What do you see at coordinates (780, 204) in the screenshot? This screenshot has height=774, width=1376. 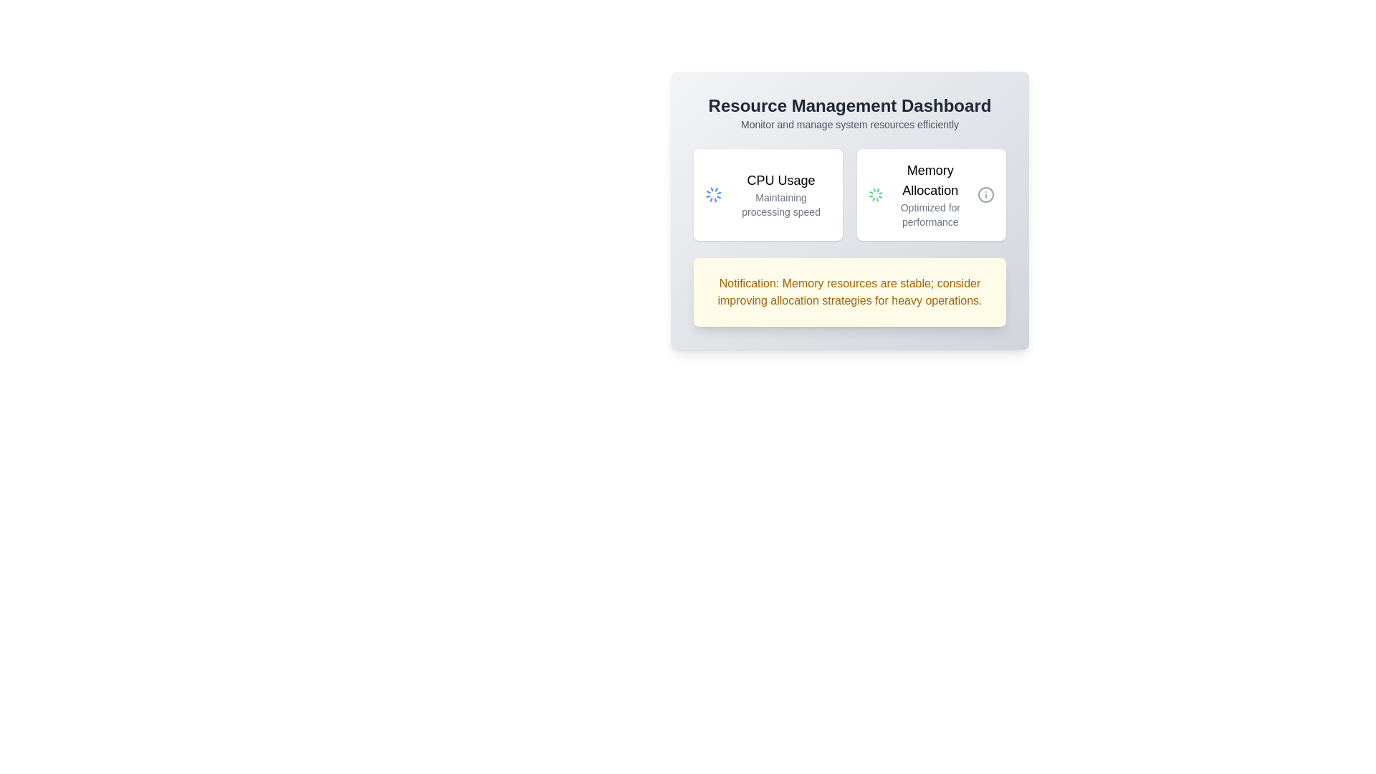 I see `the text label element containing the phrase 'Maintaining processing speed,' which is located below 'CPU Usage' in a card on the left side of the dashboard` at bounding box center [780, 204].